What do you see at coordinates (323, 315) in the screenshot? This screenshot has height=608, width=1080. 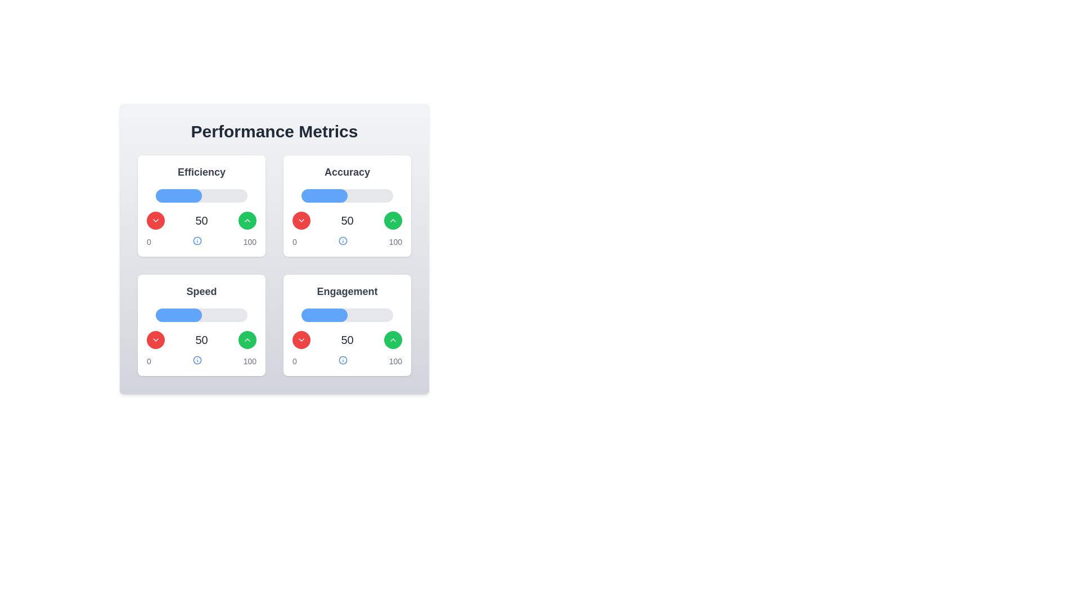 I see `the progress bar representing 50% engagement level within the 'Engagement' metric card in the bottom-right corner of the Performance Metrics panel` at bounding box center [323, 315].